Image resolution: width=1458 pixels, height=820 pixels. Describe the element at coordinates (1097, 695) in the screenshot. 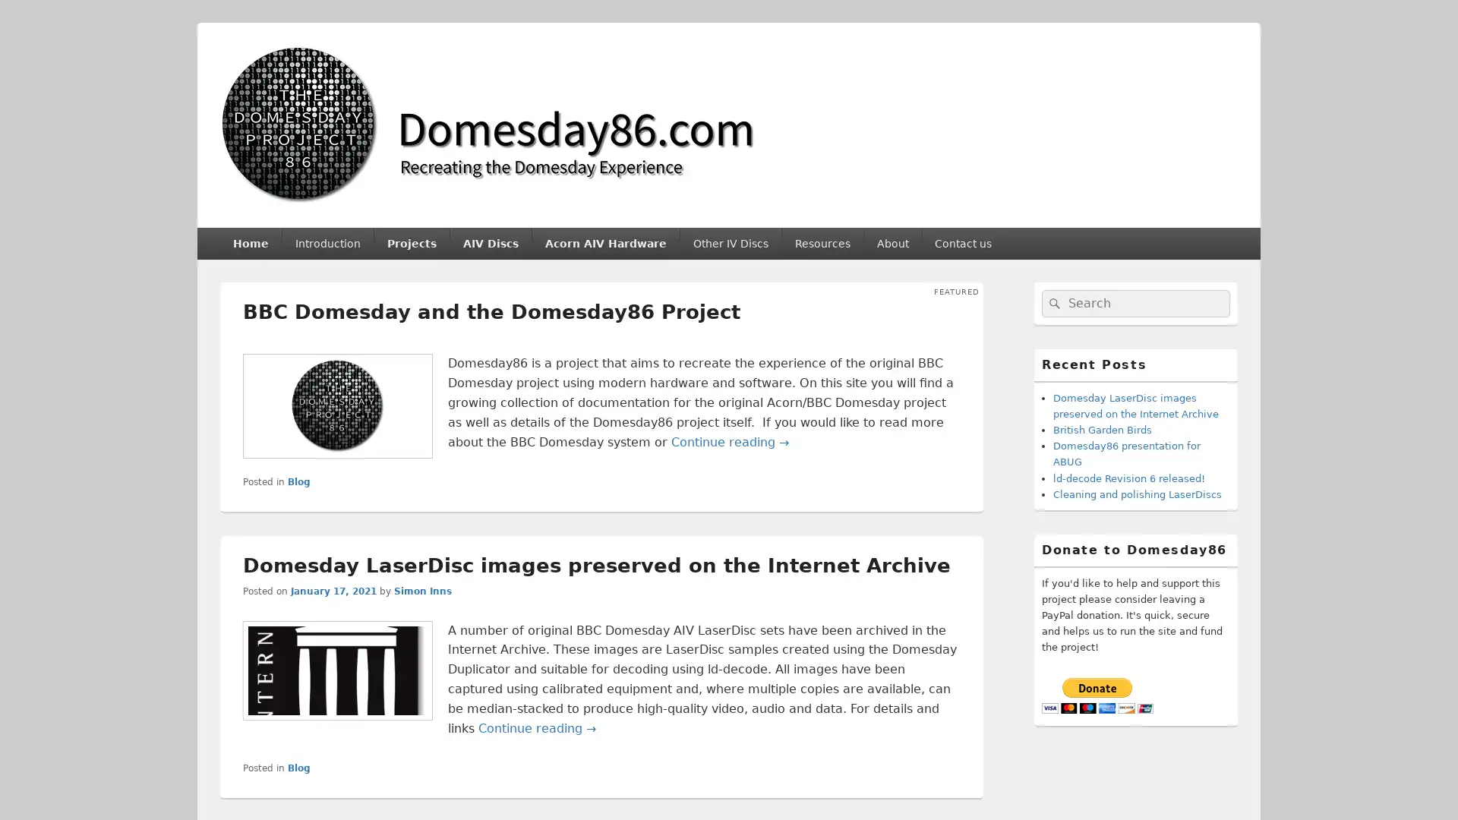

I see `PayPal - The safer, easier way to pay online.` at that location.